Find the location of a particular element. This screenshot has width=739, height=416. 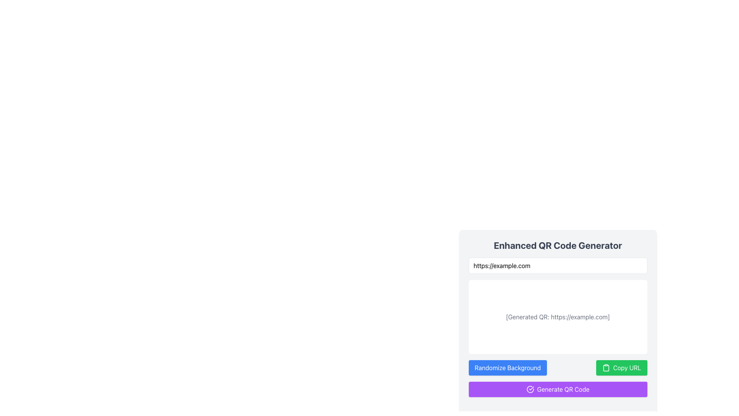

the text block displaying '[Generated QR: https://example.com]' within the light gray rectangular section of the 'Enhanced QR Code Generator' interface is located at coordinates (558, 321).